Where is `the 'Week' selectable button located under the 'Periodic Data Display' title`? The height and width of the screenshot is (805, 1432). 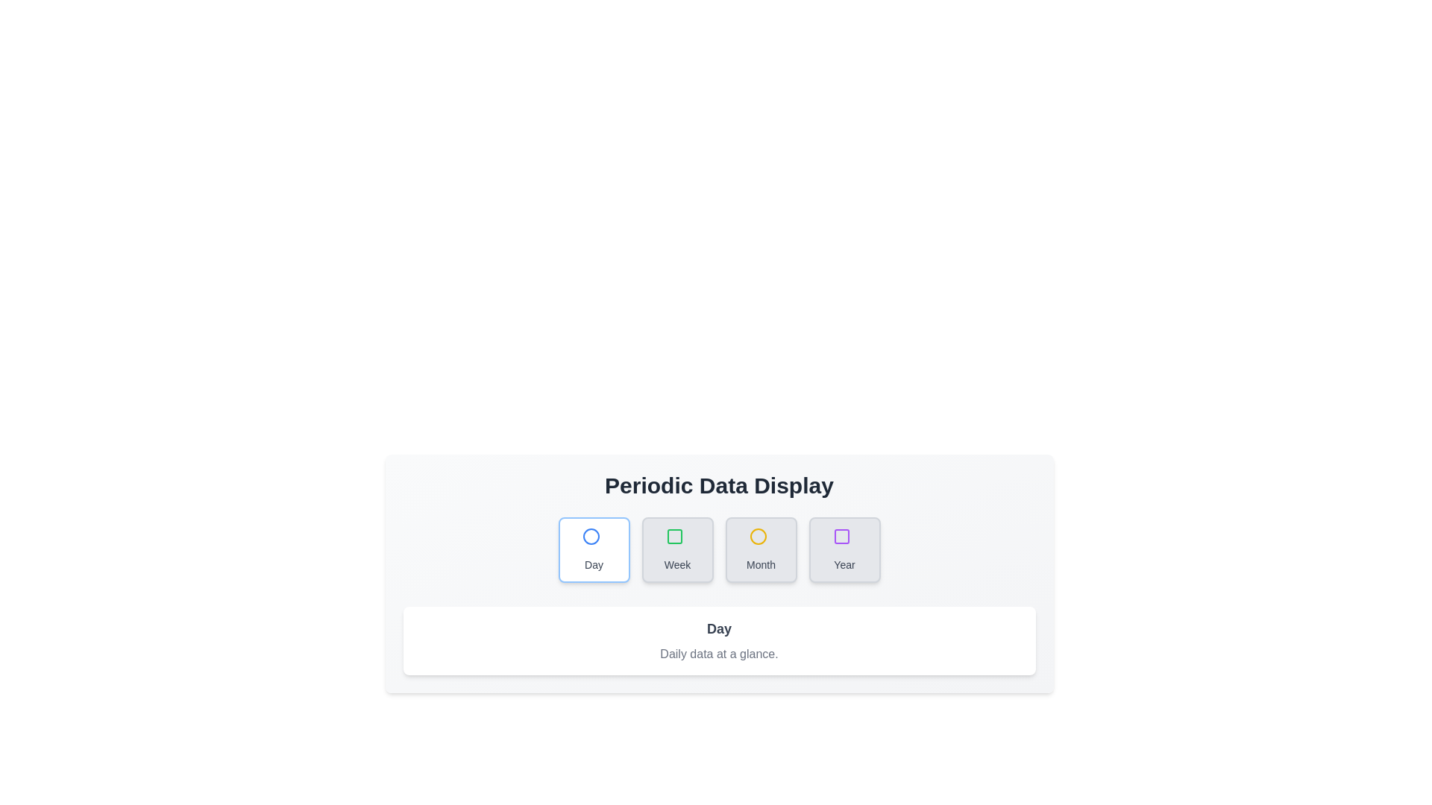 the 'Week' selectable button located under the 'Periodic Data Display' title is located at coordinates (673, 537).